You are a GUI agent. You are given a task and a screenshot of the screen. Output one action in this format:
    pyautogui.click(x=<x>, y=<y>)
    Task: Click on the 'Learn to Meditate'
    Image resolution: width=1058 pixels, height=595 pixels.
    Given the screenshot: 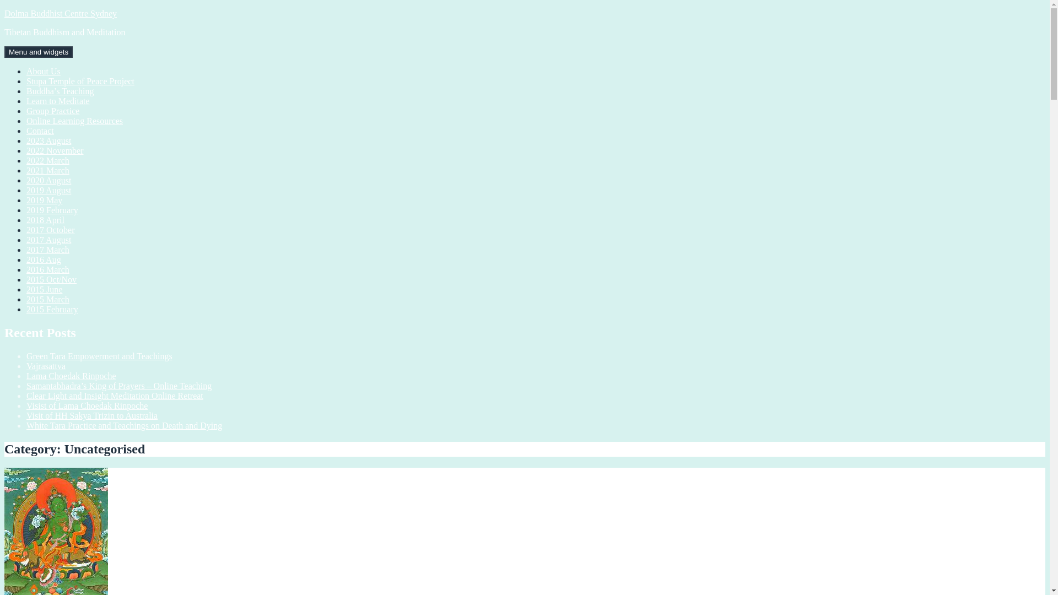 What is the action you would take?
    pyautogui.click(x=57, y=101)
    